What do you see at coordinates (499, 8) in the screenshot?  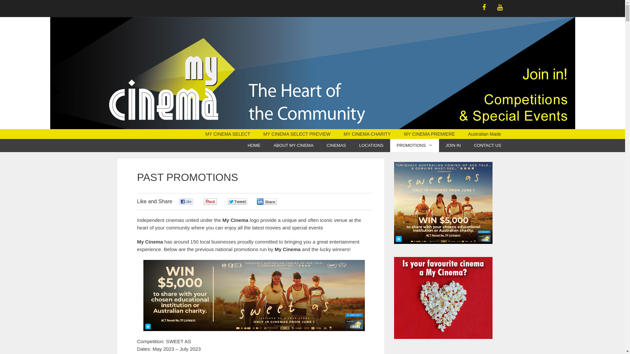 I see `'YouTube'` at bounding box center [499, 8].